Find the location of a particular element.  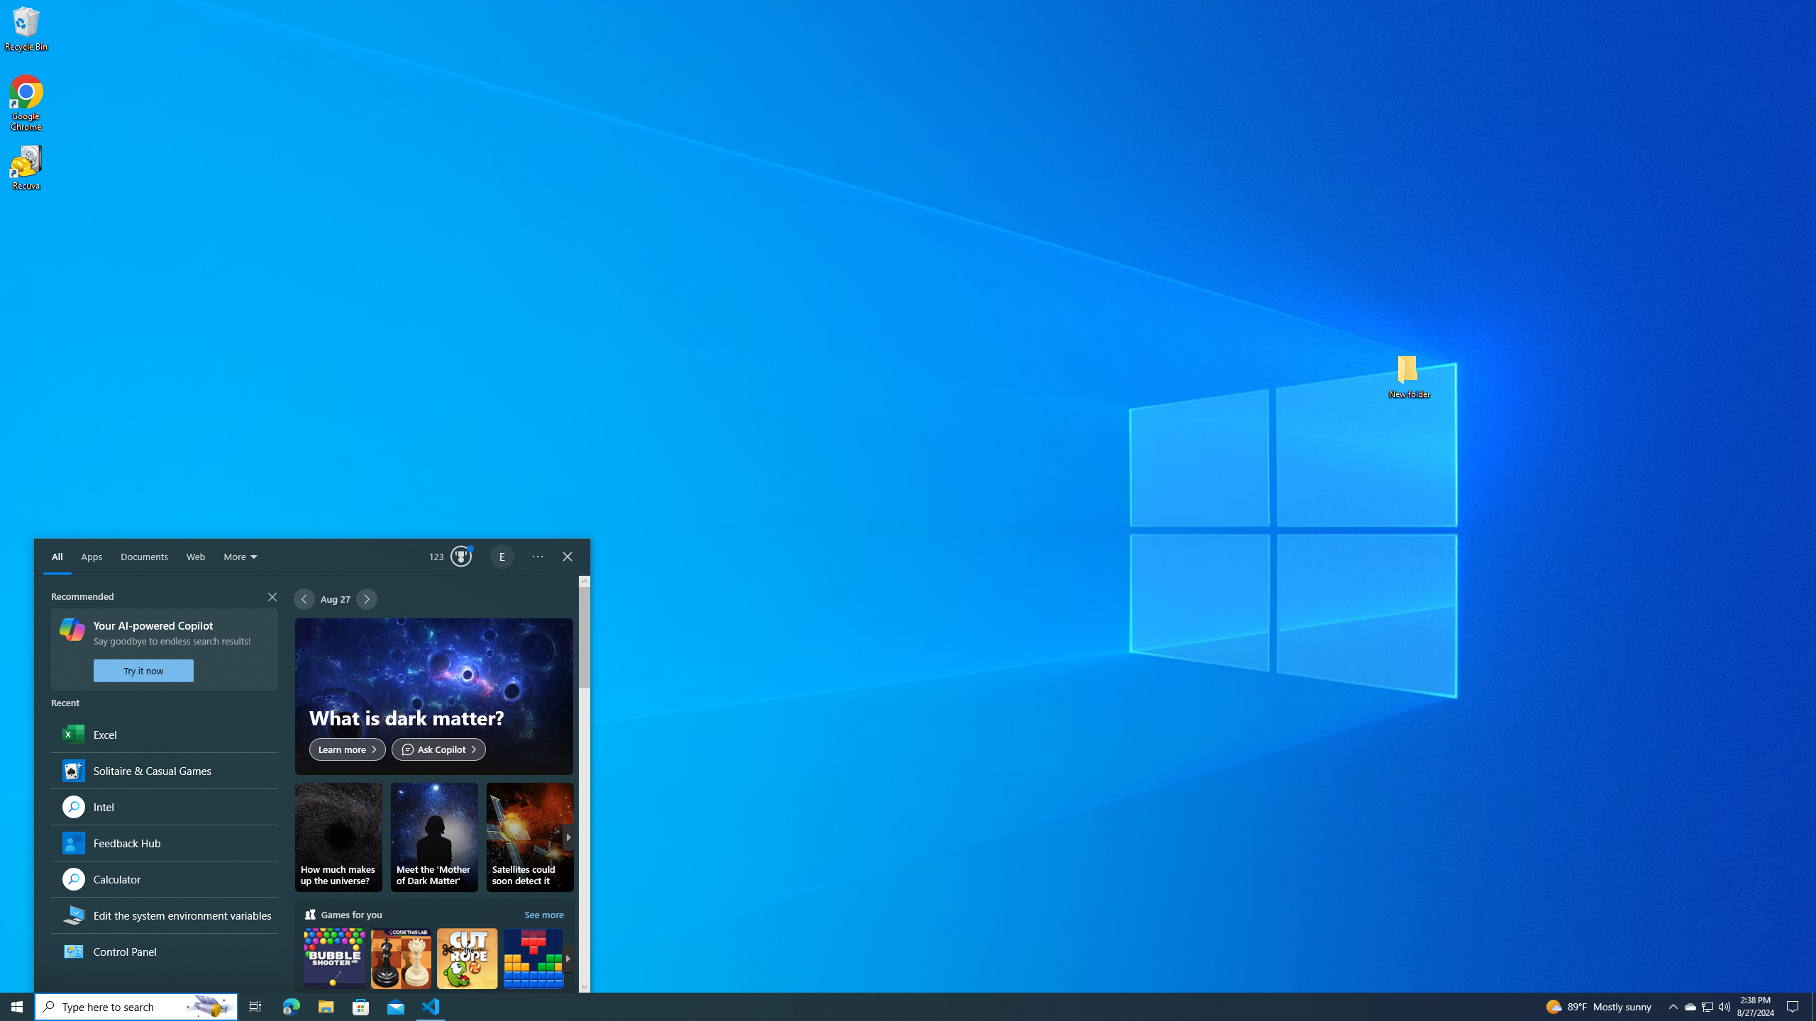

'What is dark matter?' is located at coordinates (433, 696).